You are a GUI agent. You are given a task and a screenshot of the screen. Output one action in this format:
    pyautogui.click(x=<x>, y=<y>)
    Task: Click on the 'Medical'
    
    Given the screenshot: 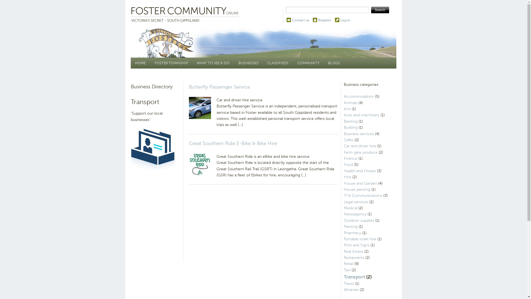 What is the action you would take?
    pyautogui.click(x=350, y=208)
    